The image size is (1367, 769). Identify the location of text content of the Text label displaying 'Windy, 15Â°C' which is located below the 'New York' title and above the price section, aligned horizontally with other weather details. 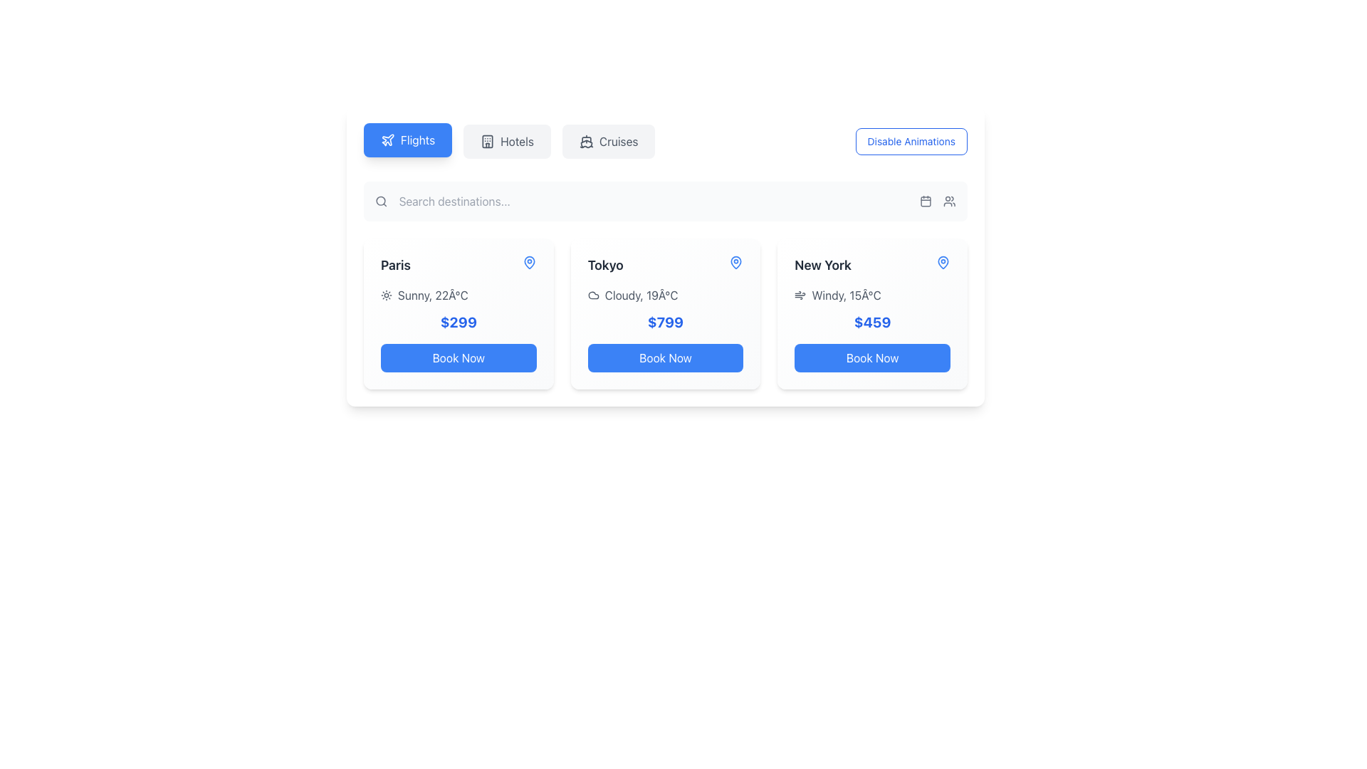
(847, 295).